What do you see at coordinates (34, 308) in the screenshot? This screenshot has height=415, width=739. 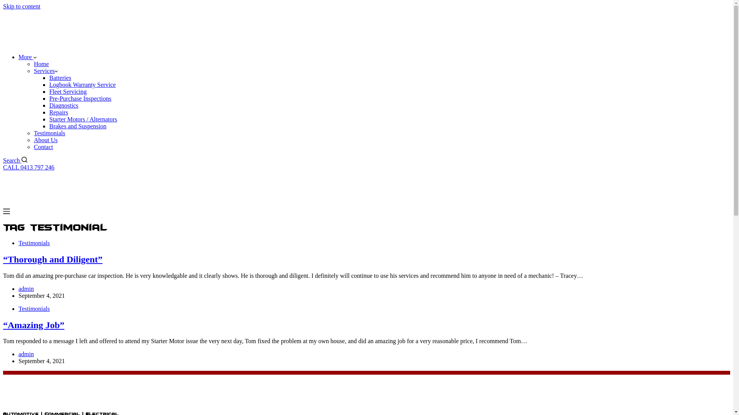 I see `'Testimonials'` at bounding box center [34, 308].